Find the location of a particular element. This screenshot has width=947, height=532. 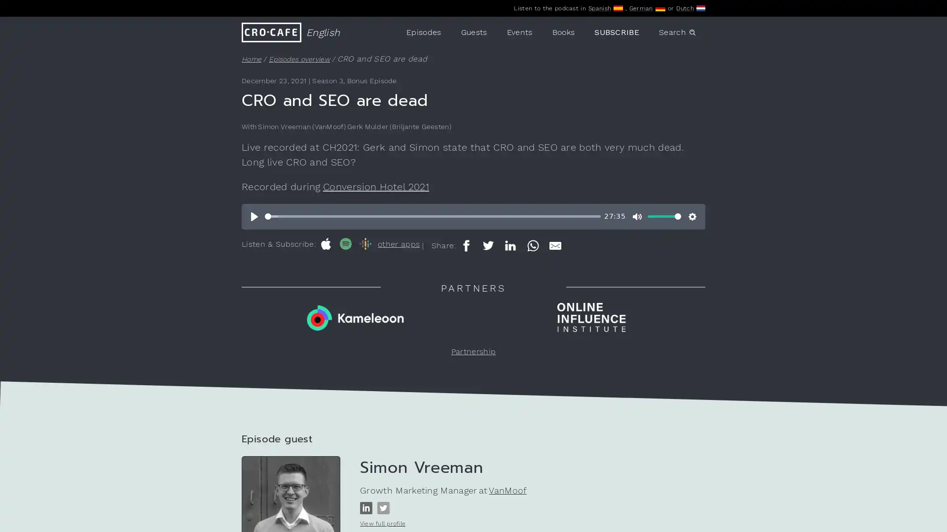

Mute is located at coordinates (637, 216).